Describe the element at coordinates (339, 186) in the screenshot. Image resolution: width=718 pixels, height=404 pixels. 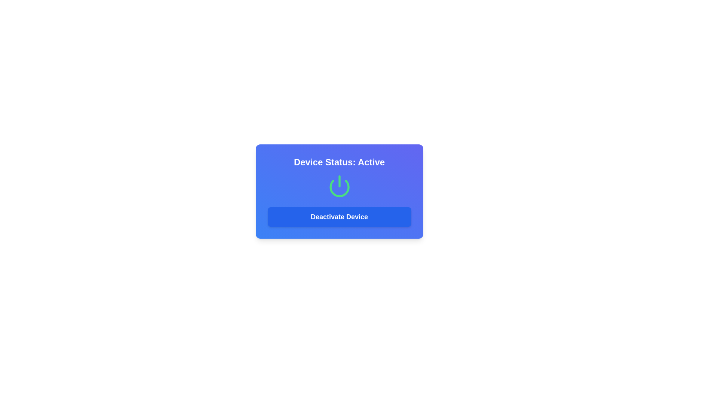
I see `the circular green power icon, which features a vertical line indicating a power on/off symbol, located centrally below the text 'Device Status: Active' and above the 'Deactivate Device' button` at that location.